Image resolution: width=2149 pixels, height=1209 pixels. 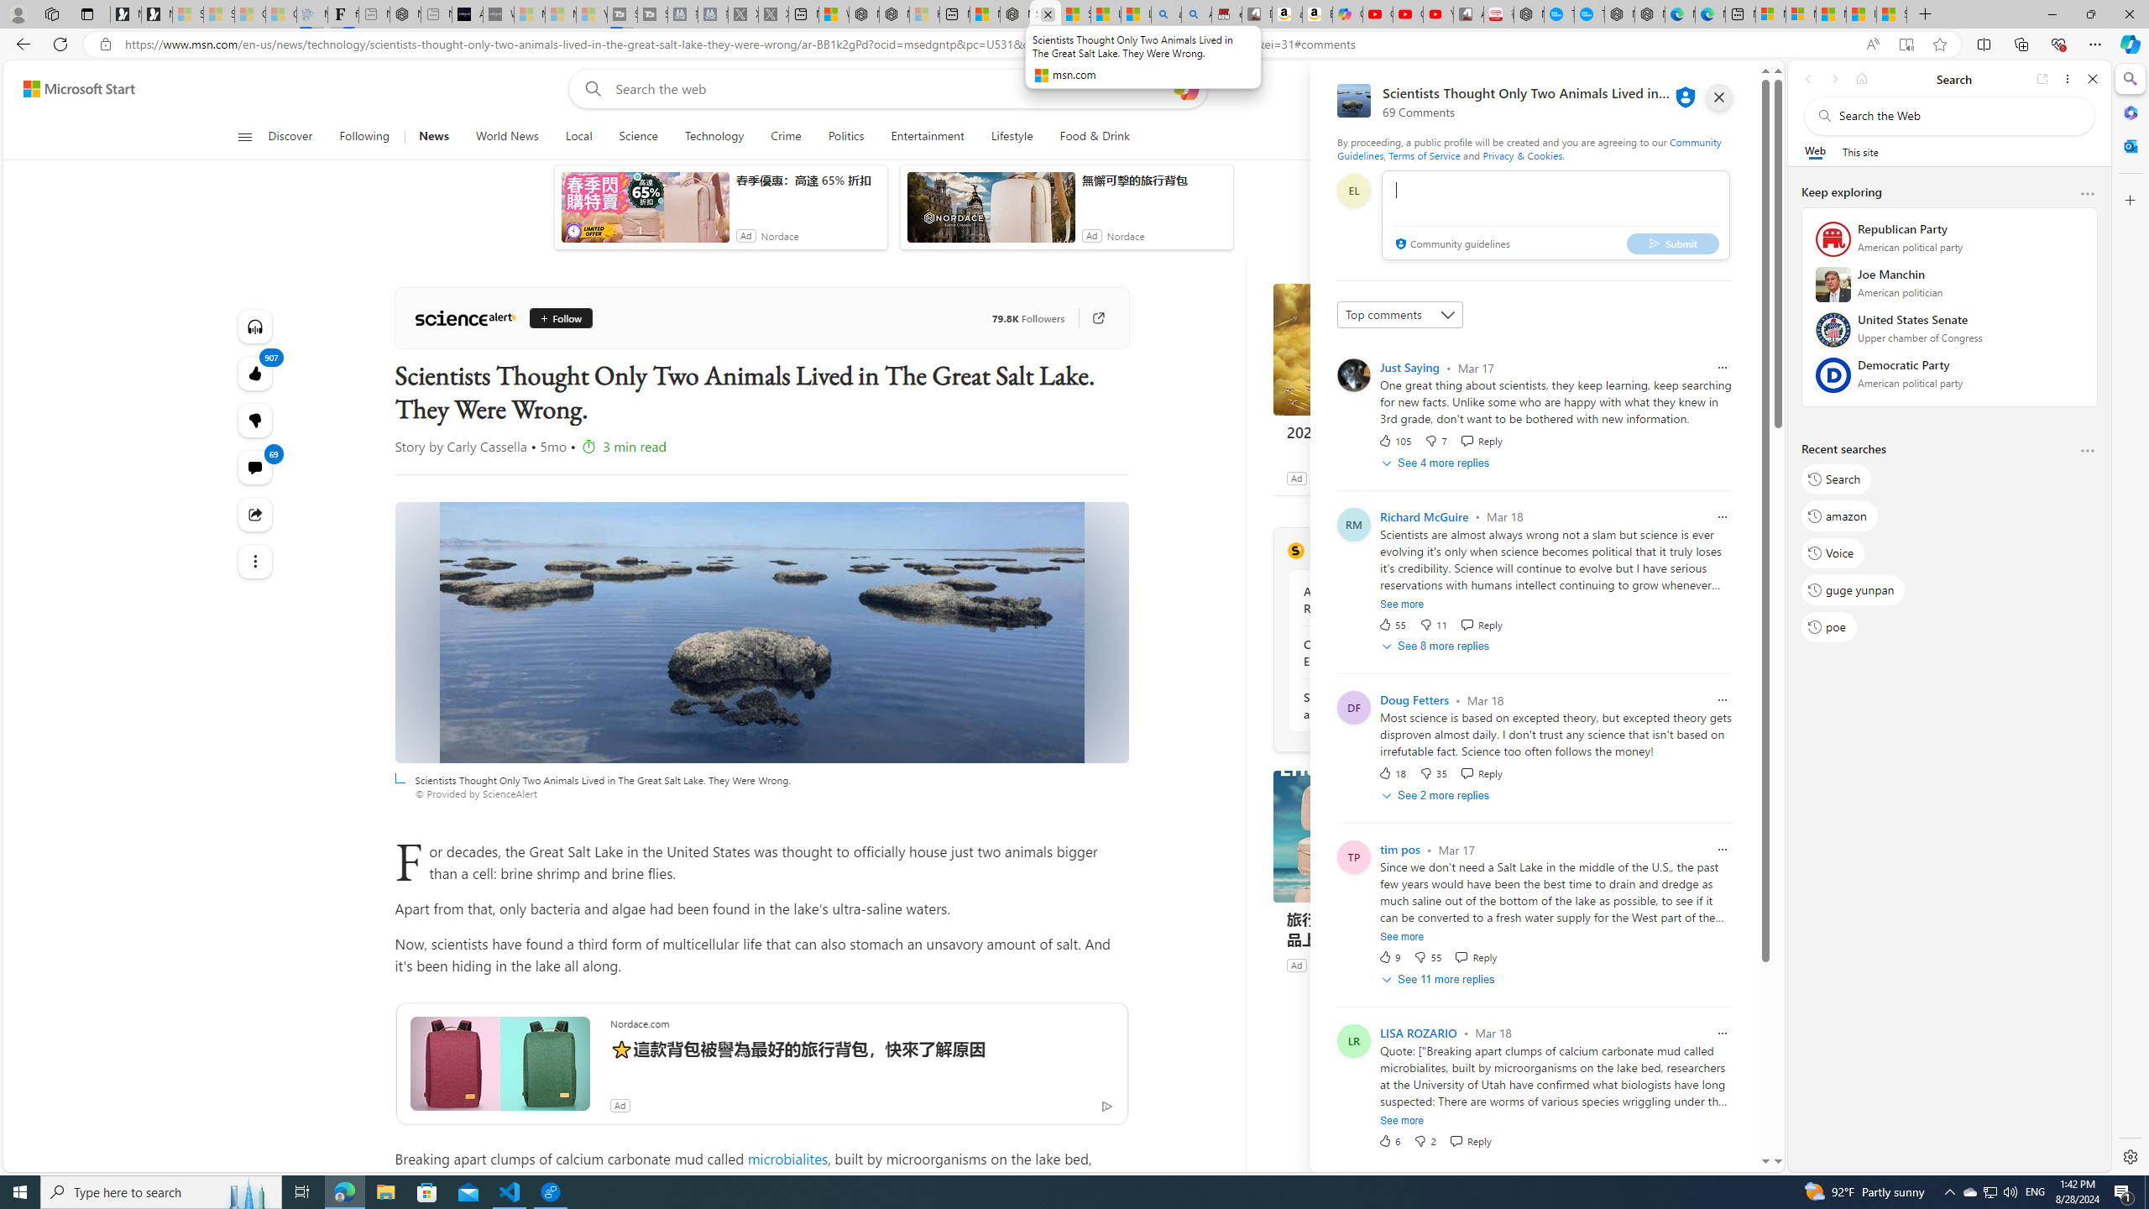 I want to click on 'tim pos', so click(x=1399, y=849).